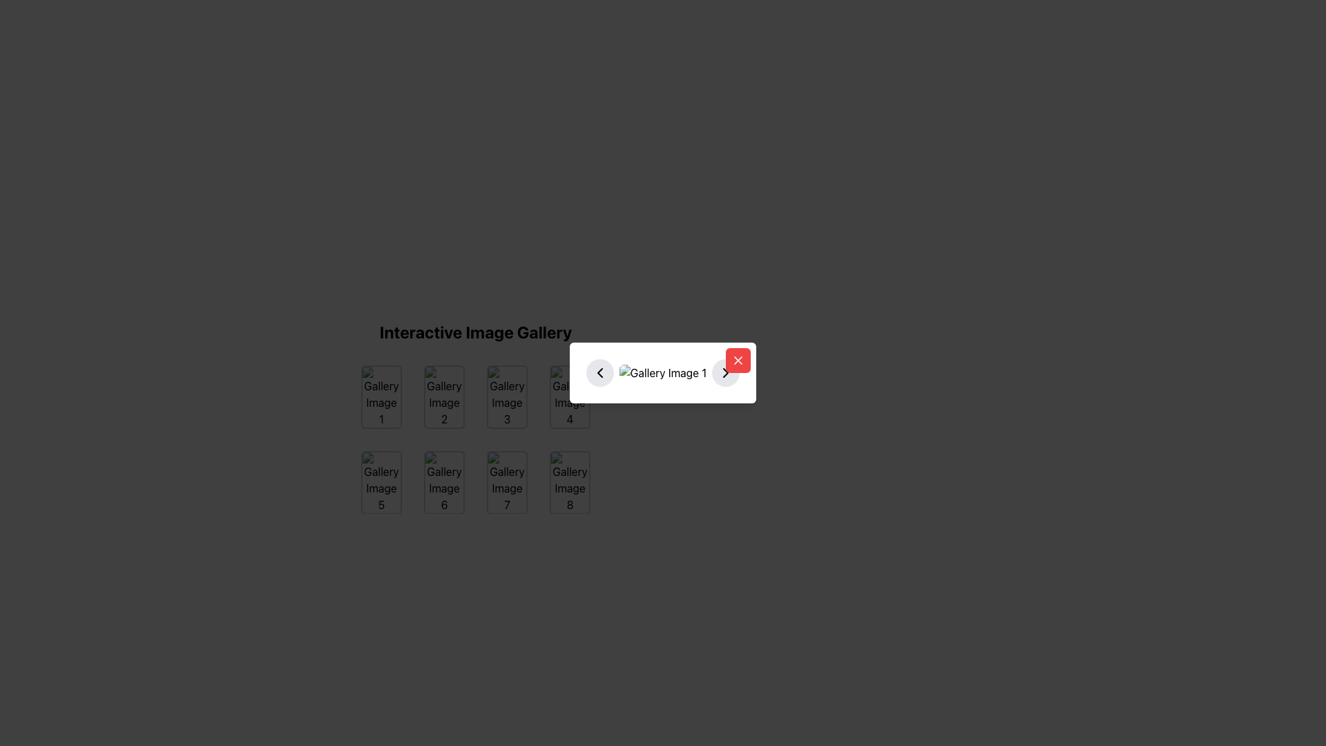 The image size is (1326, 746). I want to click on the Close Button (SVG-based) represented by the 'X' icon with a white stroke on a red background, located in the top-right section of the modal, so click(738, 359).